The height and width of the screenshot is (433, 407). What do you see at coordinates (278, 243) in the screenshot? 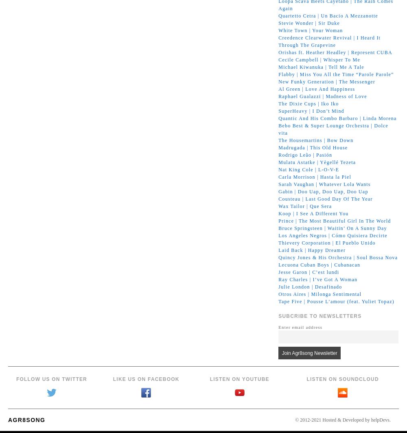
I see `'Thievery Corporation | El Pueblo Unido'` at bounding box center [278, 243].